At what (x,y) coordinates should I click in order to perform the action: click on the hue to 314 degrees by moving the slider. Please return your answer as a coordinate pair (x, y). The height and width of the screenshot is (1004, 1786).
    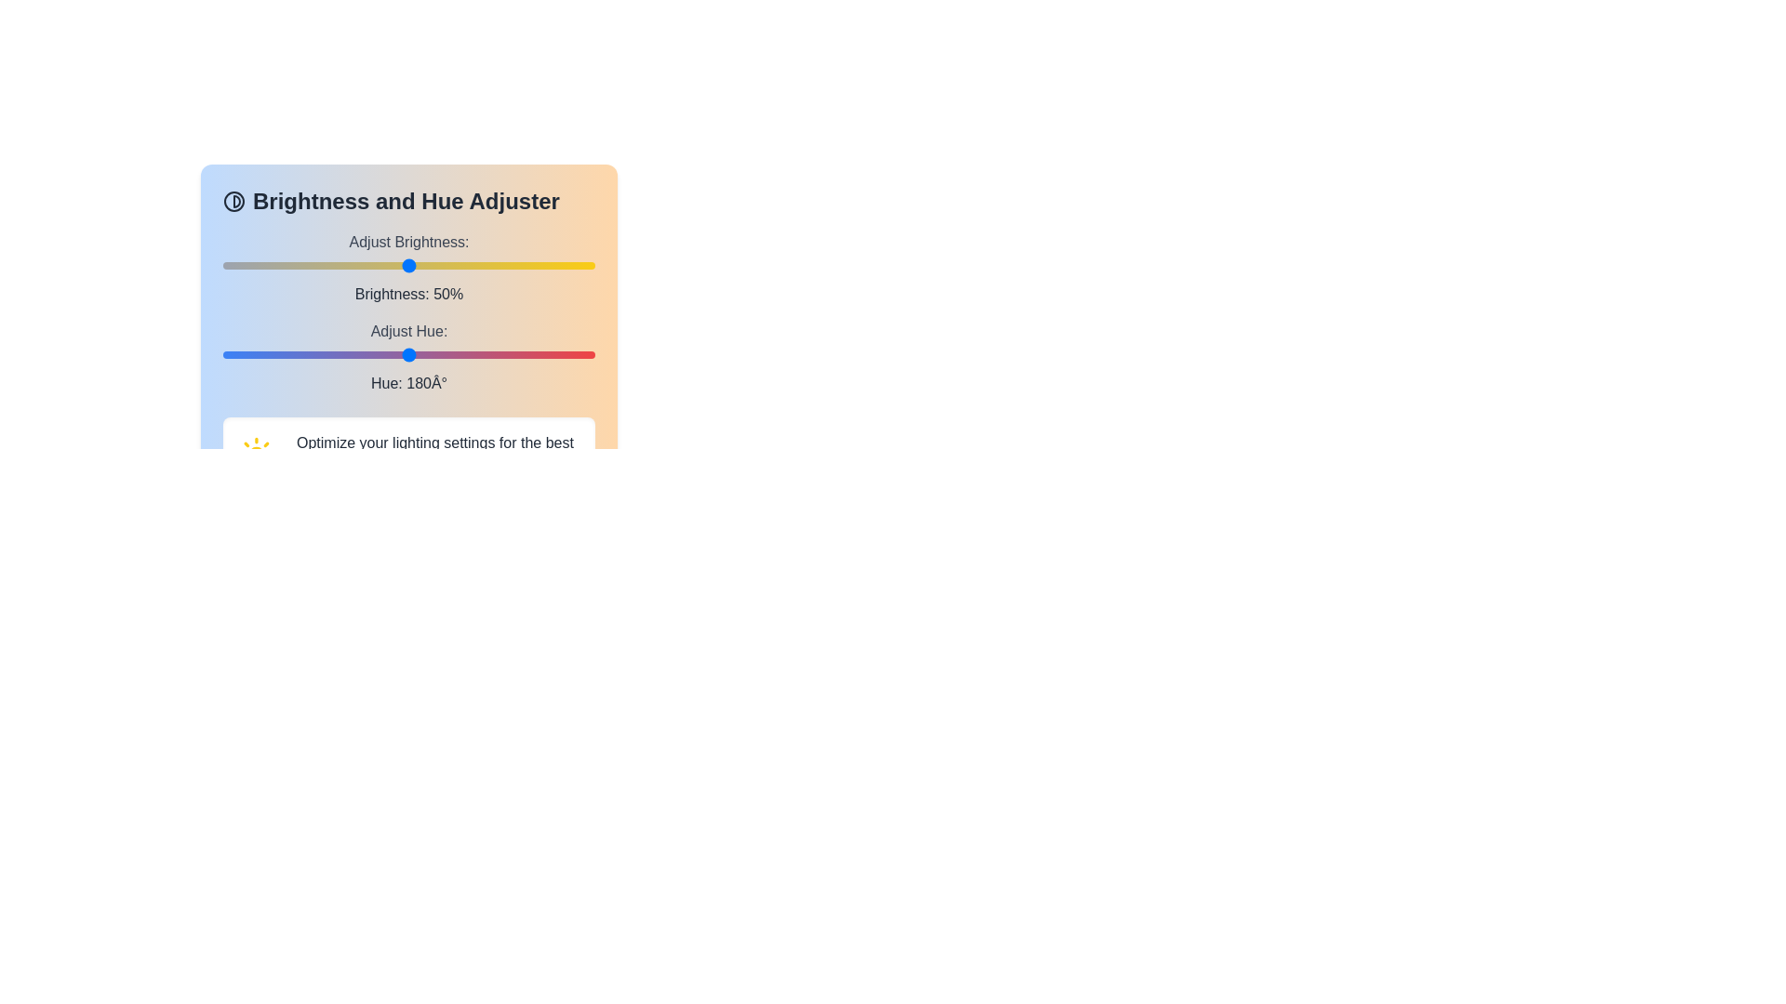
    Looking at the image, I should click on (546, 354).